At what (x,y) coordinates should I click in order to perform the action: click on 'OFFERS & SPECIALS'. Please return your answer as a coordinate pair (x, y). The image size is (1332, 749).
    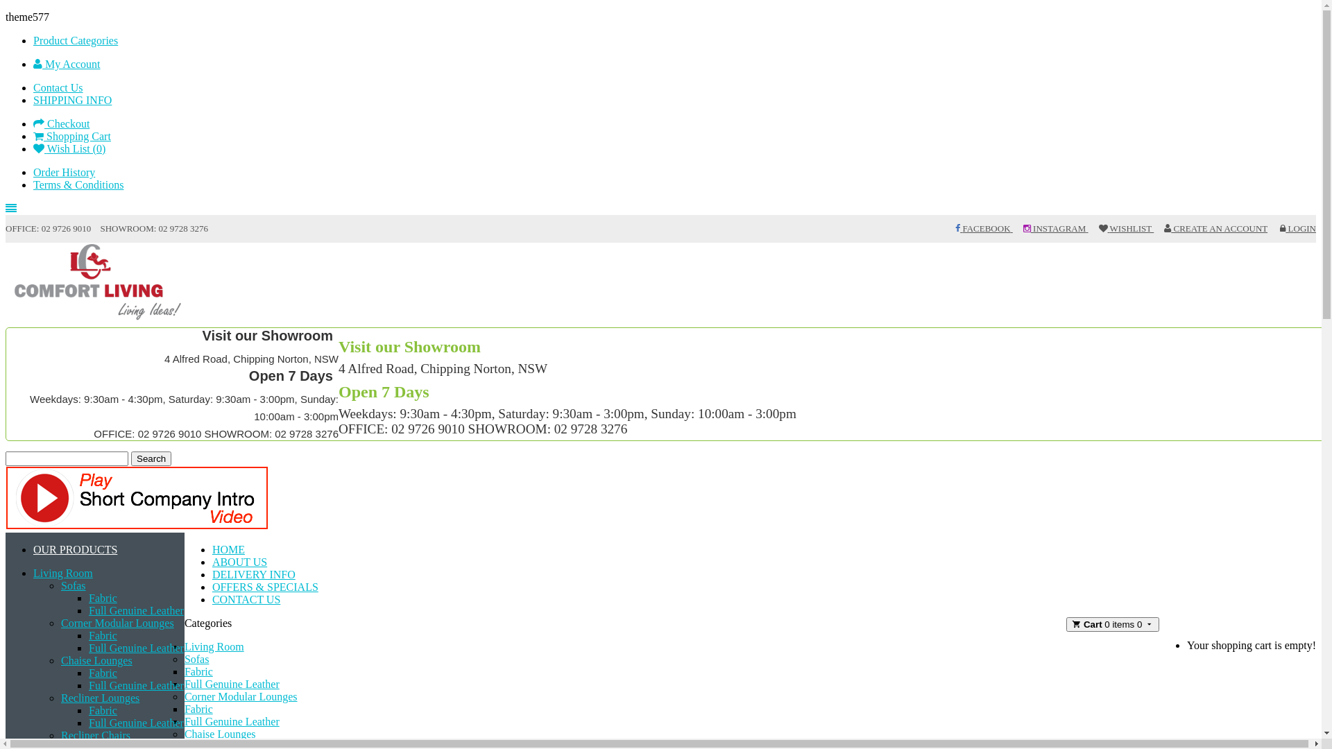
    Looking at the image, I should click on (265, 587).